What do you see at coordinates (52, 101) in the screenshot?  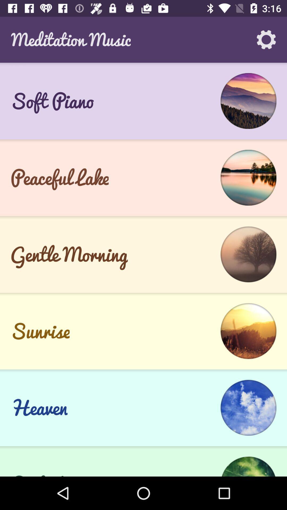 I see `soft piano icon` at bounding box center [52, 101].